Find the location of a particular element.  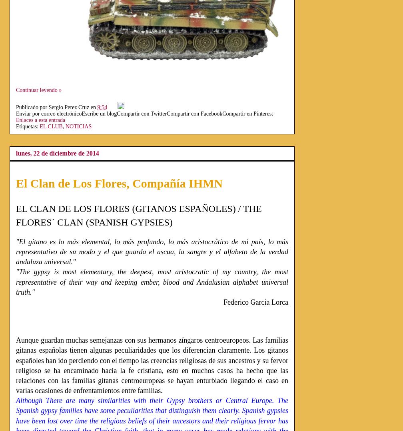

'9:54' is located at coordinates (102, 107).